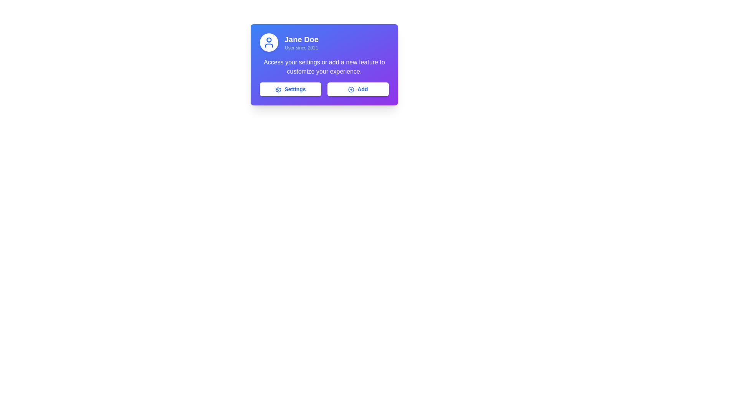 This screenshot has height=414, width=737. Describe the element at coordinates (324, 66) in the screenshot. I see `informational text element located below the user name and status line, above the buttons labeled 'Settings' and 'Add' in the card layout` at that location.